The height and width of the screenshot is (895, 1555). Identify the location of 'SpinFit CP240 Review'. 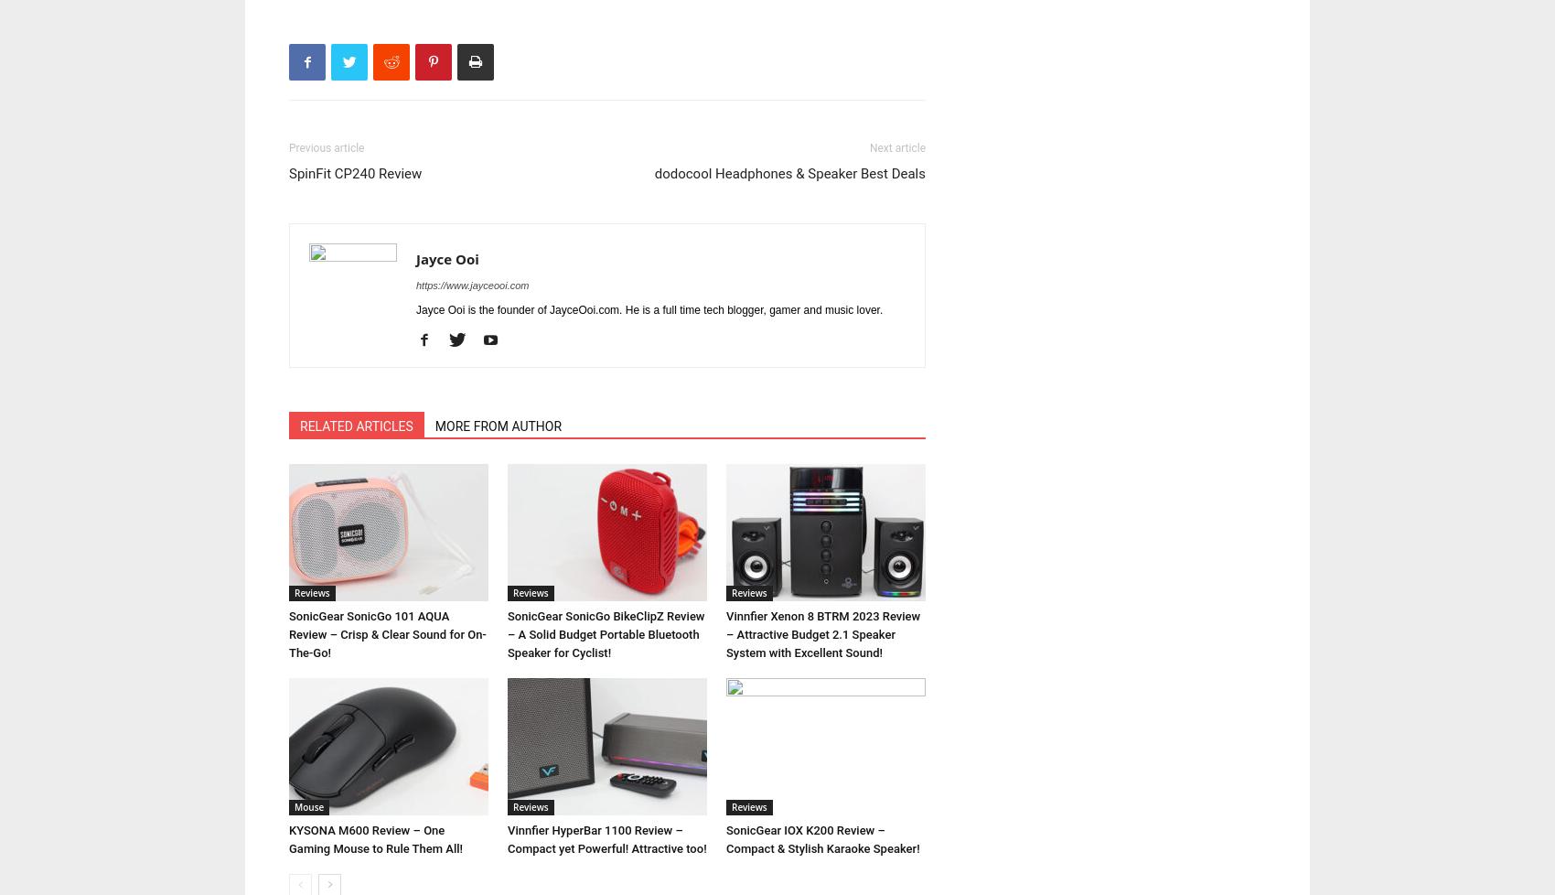
(289, 174).